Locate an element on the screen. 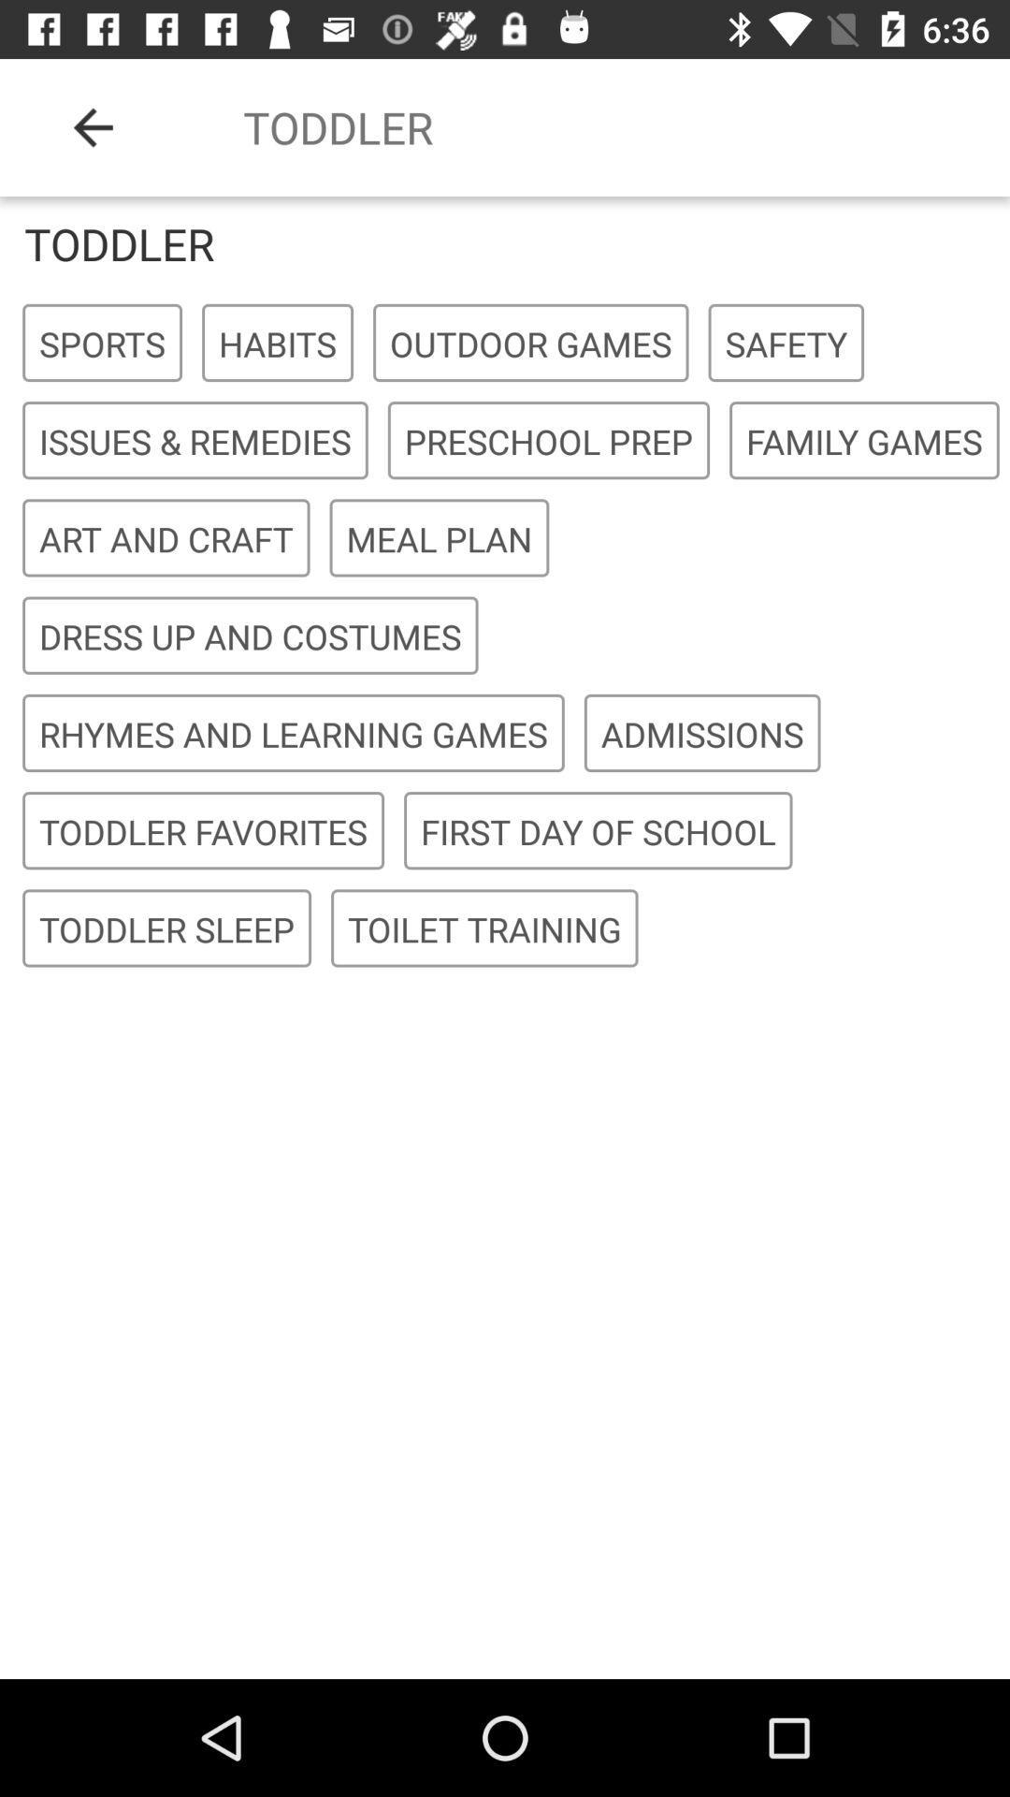 The height and width of the screenshot is (1797, 1010). outdoor games is located at coordinates (530, 343).